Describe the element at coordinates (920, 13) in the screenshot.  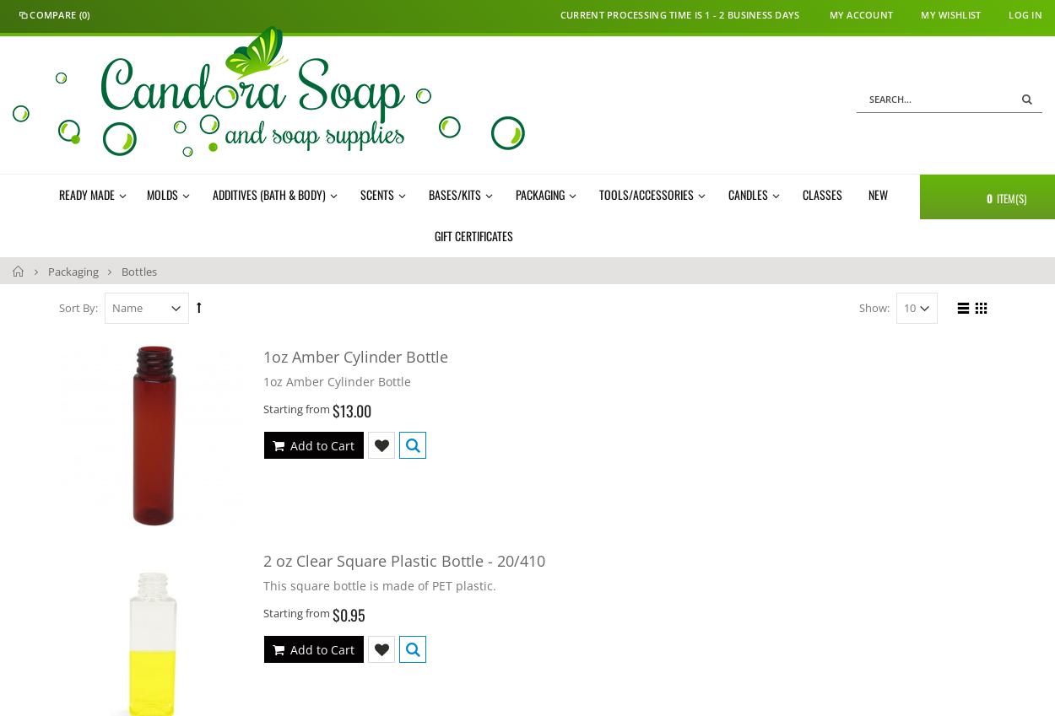
I see `'My Wishlist'` at that location.